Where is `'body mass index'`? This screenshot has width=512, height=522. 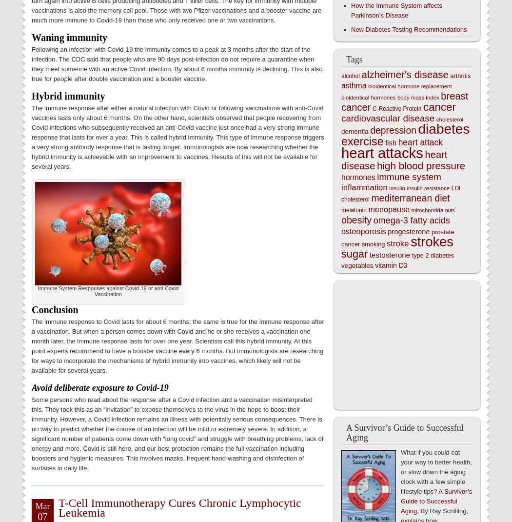 'body mass index' is located at coordinates (418, 97).